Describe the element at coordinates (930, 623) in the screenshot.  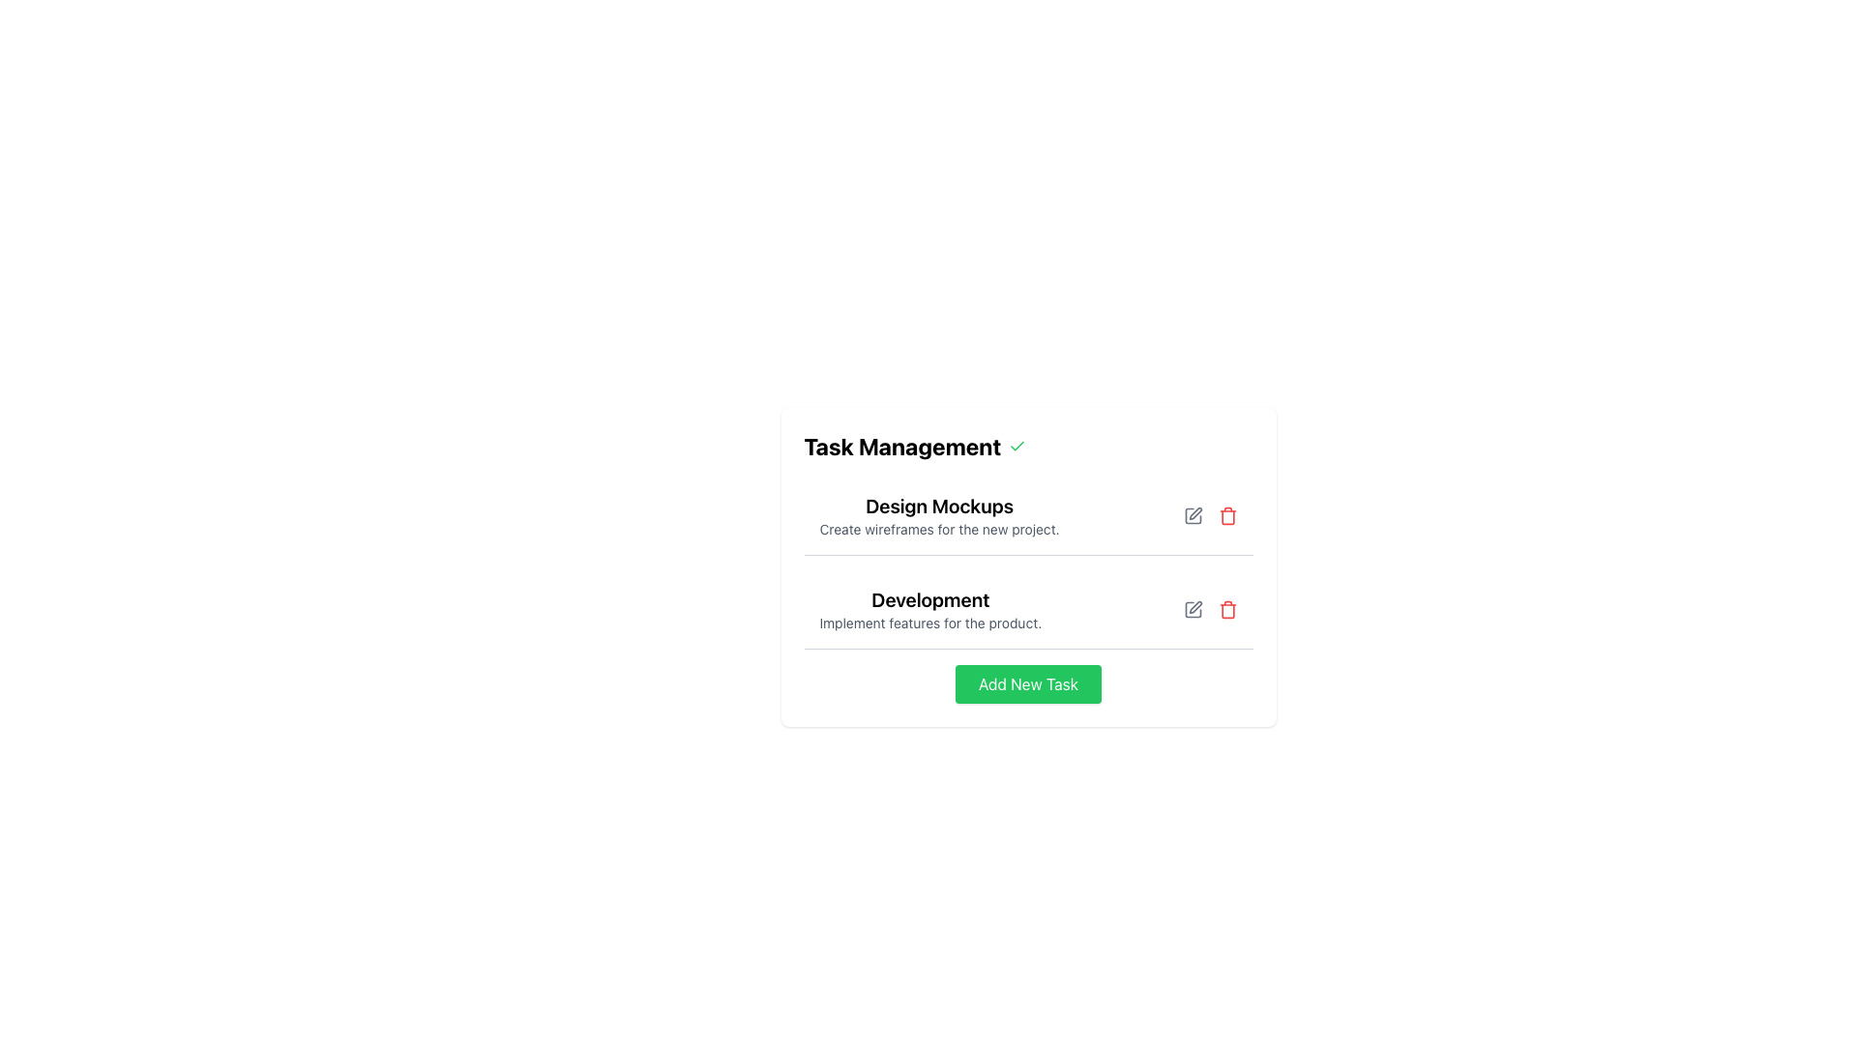
I see `the text description element providing details about the task labeled 'Development', located under 'Task Management'` at that location.